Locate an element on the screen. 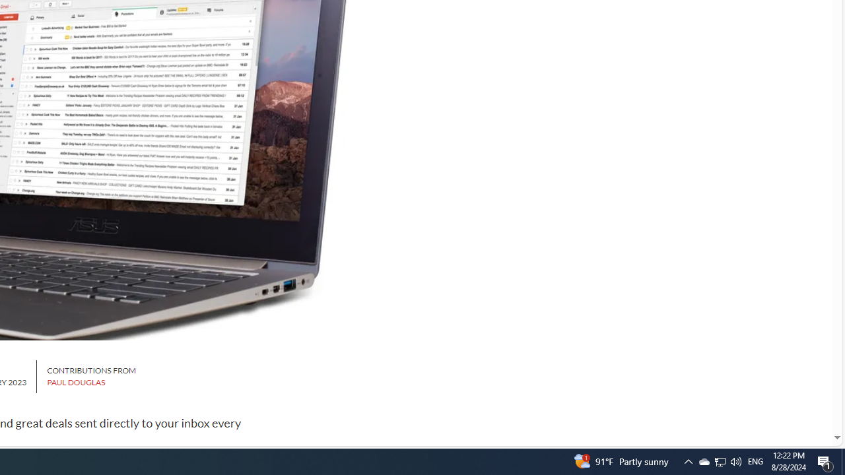 Image resolution: width=845 pixels, height=475 pixels. 'PAUL DOUGLAS' is located at coordinates (75, 382).